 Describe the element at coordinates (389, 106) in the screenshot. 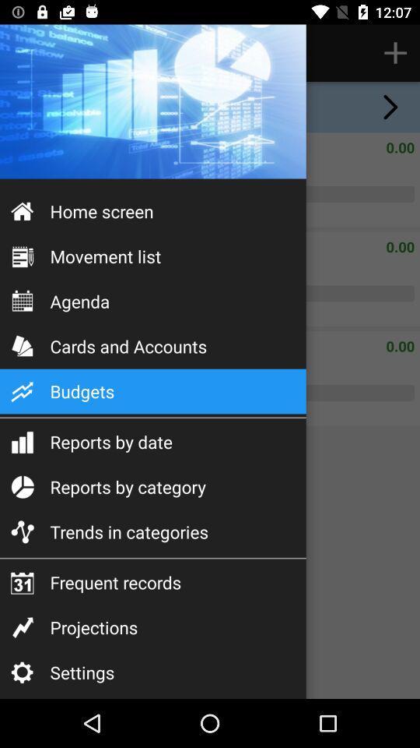

I see `the arrow_forward icon` at that location.